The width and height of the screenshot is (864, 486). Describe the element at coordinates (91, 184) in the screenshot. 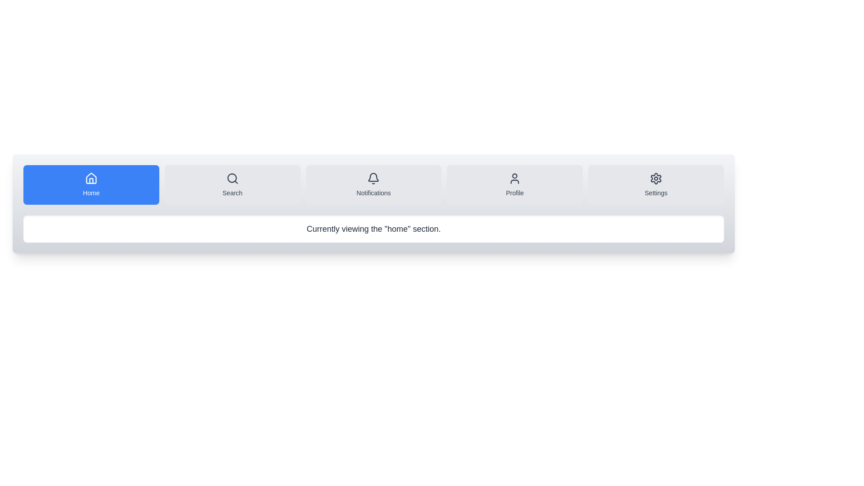

I see `the 'Home' button, which is the first button in a grid of five, located at the top-center of the interface` at that location.